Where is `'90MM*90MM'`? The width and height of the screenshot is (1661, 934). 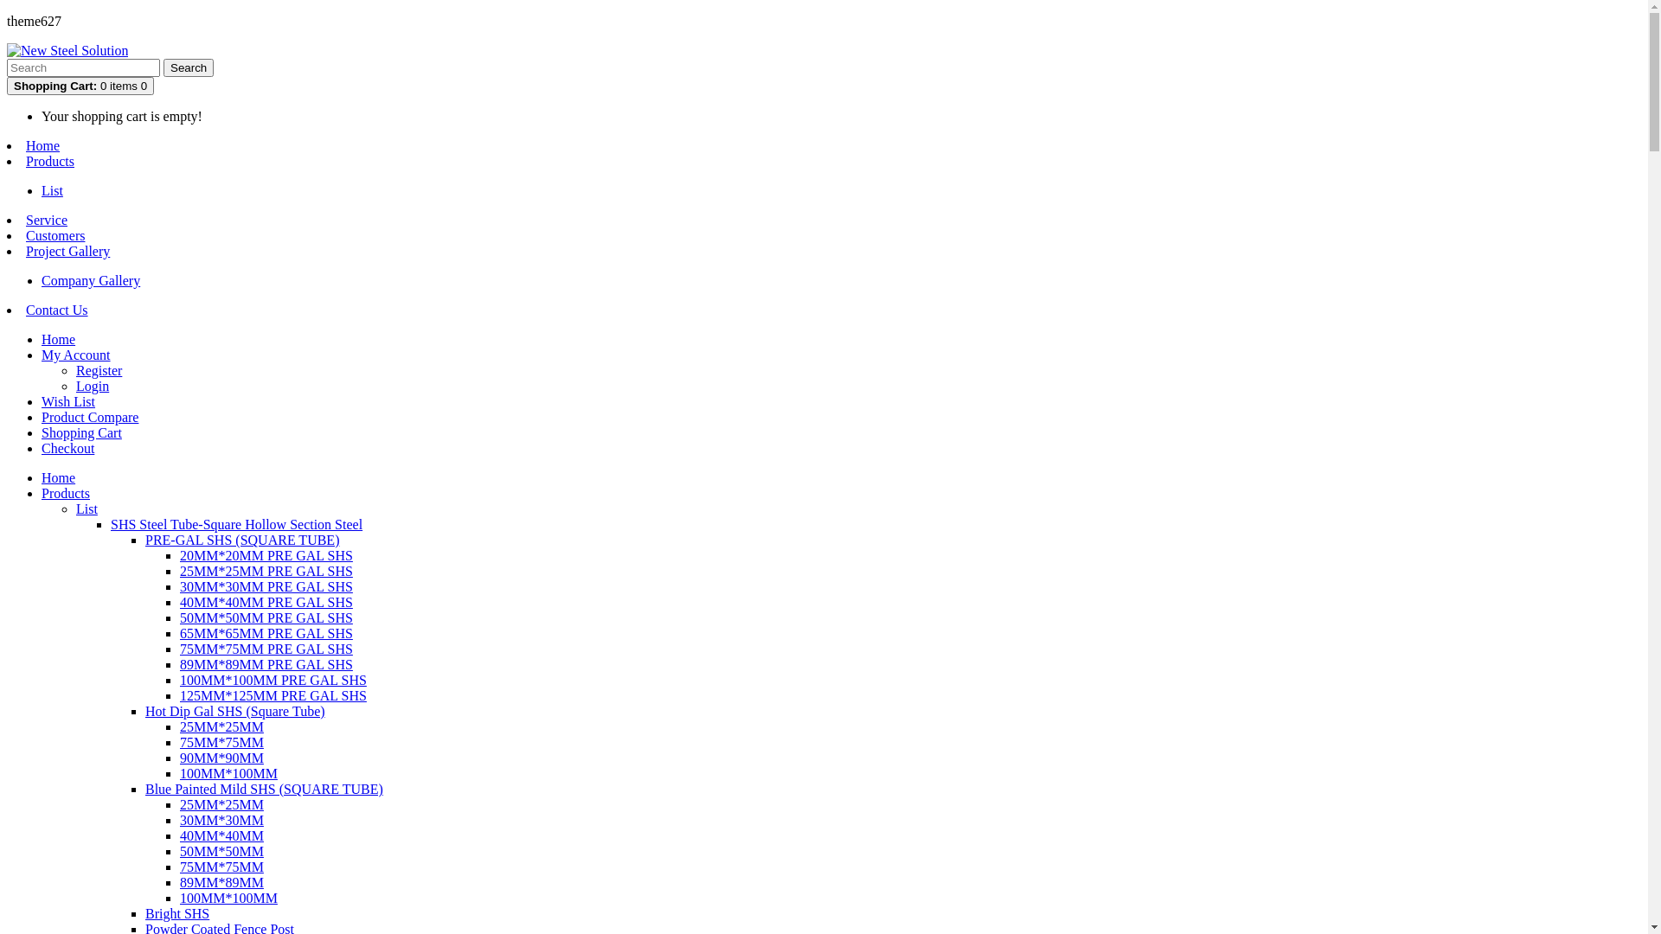 '90MM*90MM' is located at coordinates (179, 757).